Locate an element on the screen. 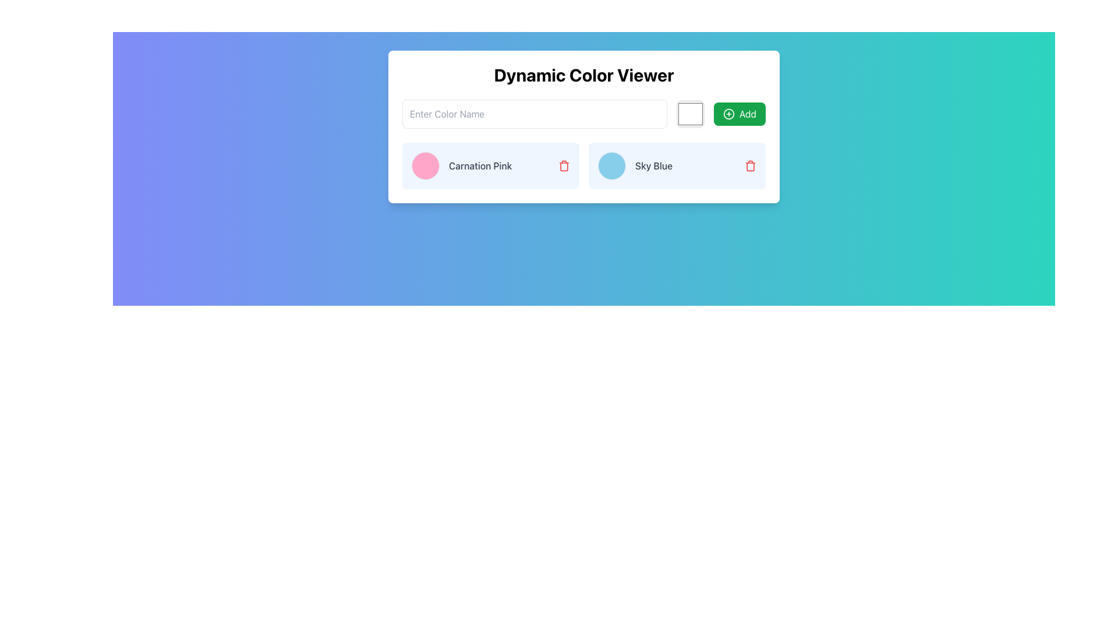  the text label that conveys the color name 'Carnation Pink' to read its content is located at coordinates (480, 166).